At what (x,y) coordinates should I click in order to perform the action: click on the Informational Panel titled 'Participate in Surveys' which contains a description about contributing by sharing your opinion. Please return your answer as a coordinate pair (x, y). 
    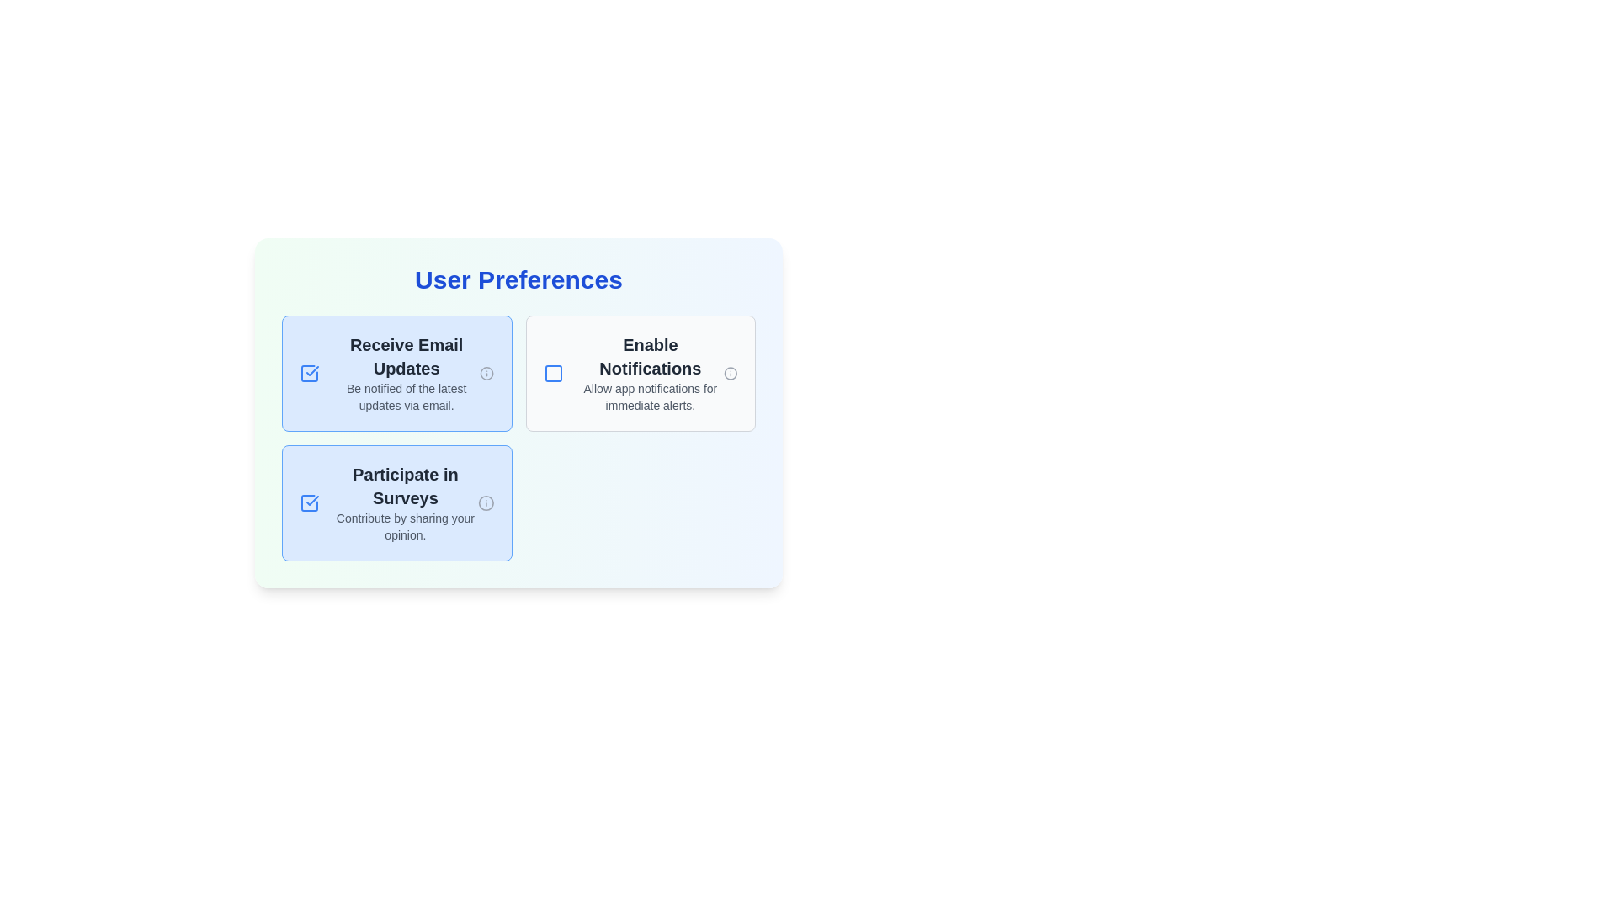
    Looking at the image, I should click on (405, 502).